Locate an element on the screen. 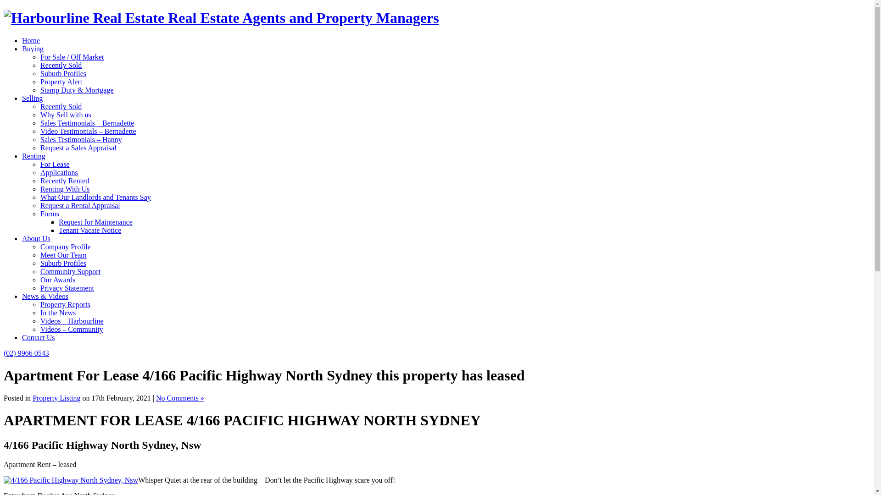  'Renting' is located at coordinates (33, 155).